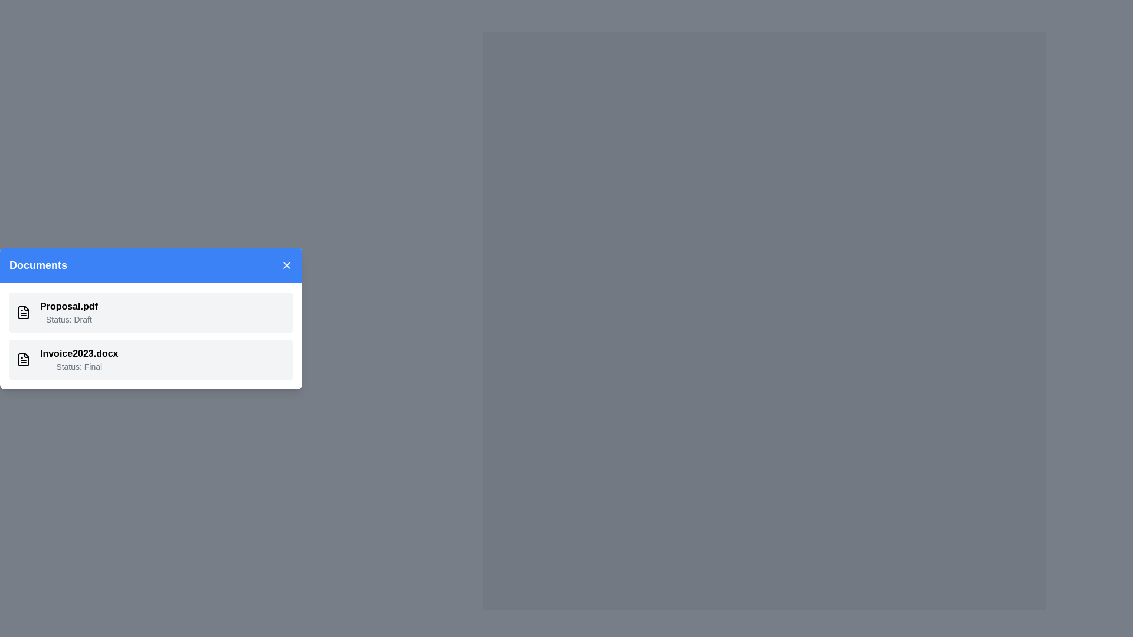 This screenshot has width=1133, height=637. What do you see at coordinates (23, 311) in the screenshot?
I see `the icon associated with the document titled 'Proposal.pdf' to inspect its visual cues` at bounding box center [23, 311].